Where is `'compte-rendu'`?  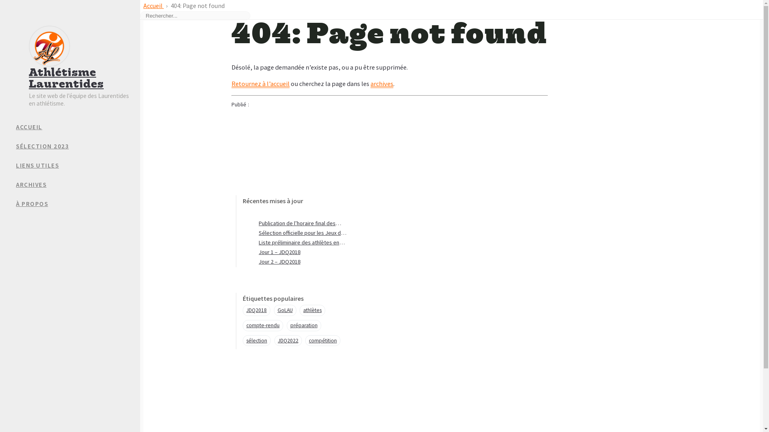 'compte-rendu' is located at coordinates (263, 325).